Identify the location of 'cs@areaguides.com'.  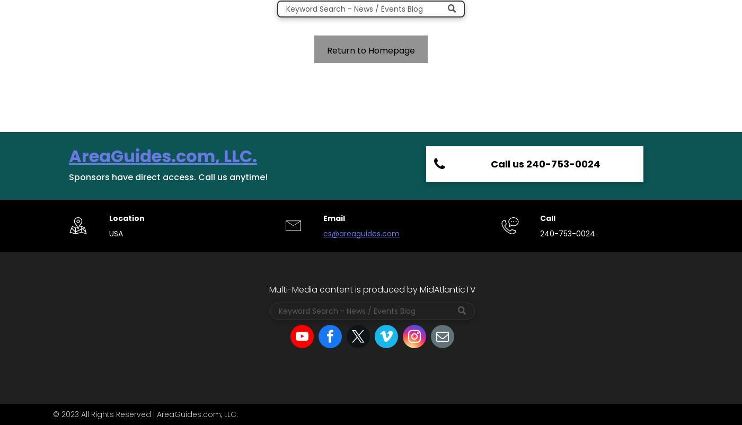
(361, 234).